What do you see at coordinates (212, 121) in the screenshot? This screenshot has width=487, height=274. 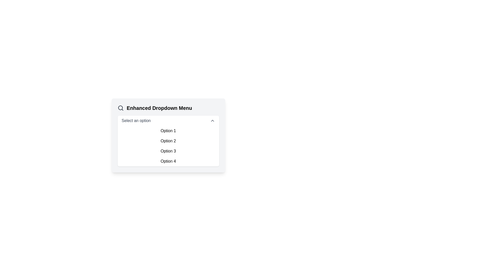 I see `the upward-pointing chevron icon located on the right side of the row labeled 'Select an option'` at bounding box center [212, 121].